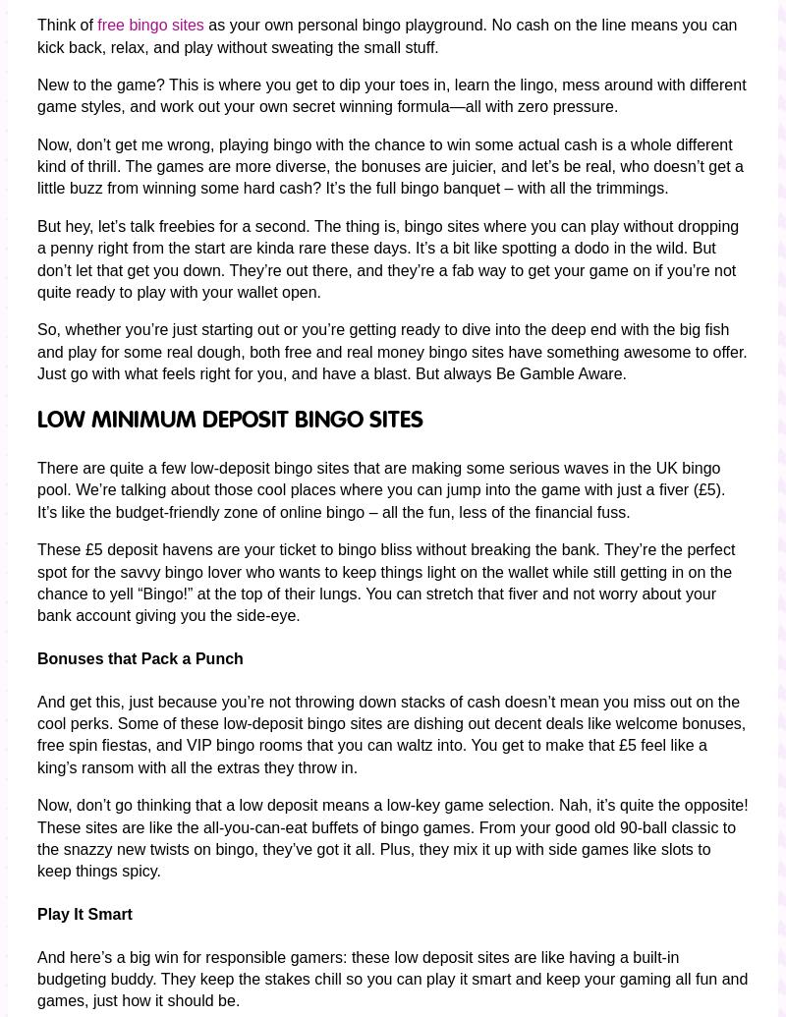 The image size is (786, 1017). Describe the element at coordinates (391, 977) in the screenshot. I see `'And here’s a big win for responsible gamers: these low deposit sites are like having a built-in budgeting buddy. They keep the stakes chill so you can play it smart and keep your gaming all fun and games, just how it should be.'` at that location.